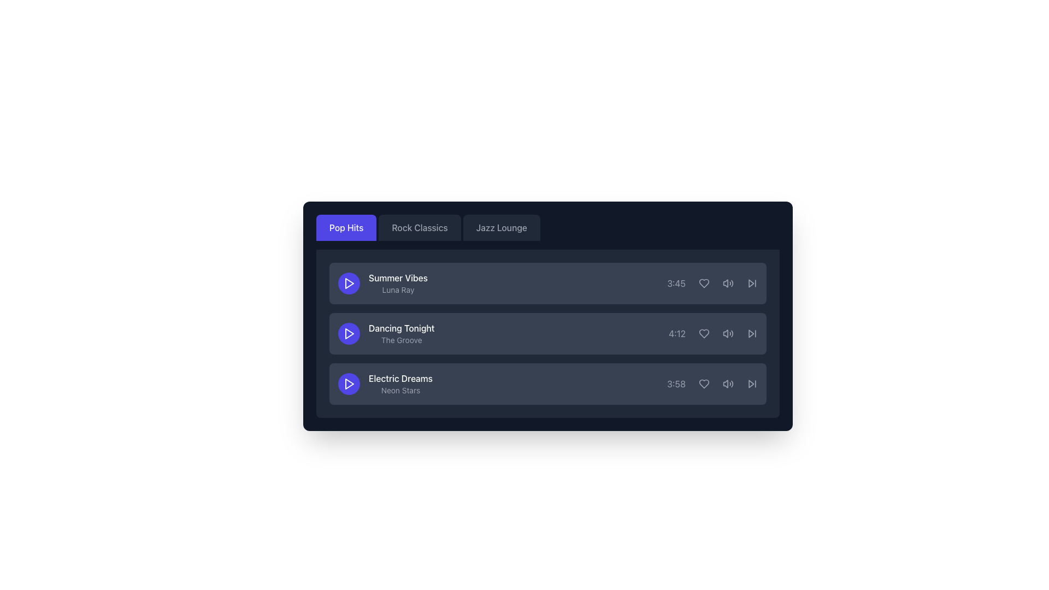 Image resolution: width=1049 pixels, height=590 pixels. Describe the element at coordinates (676, 283) in the screenshot. I see `the label displaying the time duration '3:45', which is styled in gray and located in the right section of the first row, aligned to the right of the title 'Summer Vibes - Luna Ray'` at that location.